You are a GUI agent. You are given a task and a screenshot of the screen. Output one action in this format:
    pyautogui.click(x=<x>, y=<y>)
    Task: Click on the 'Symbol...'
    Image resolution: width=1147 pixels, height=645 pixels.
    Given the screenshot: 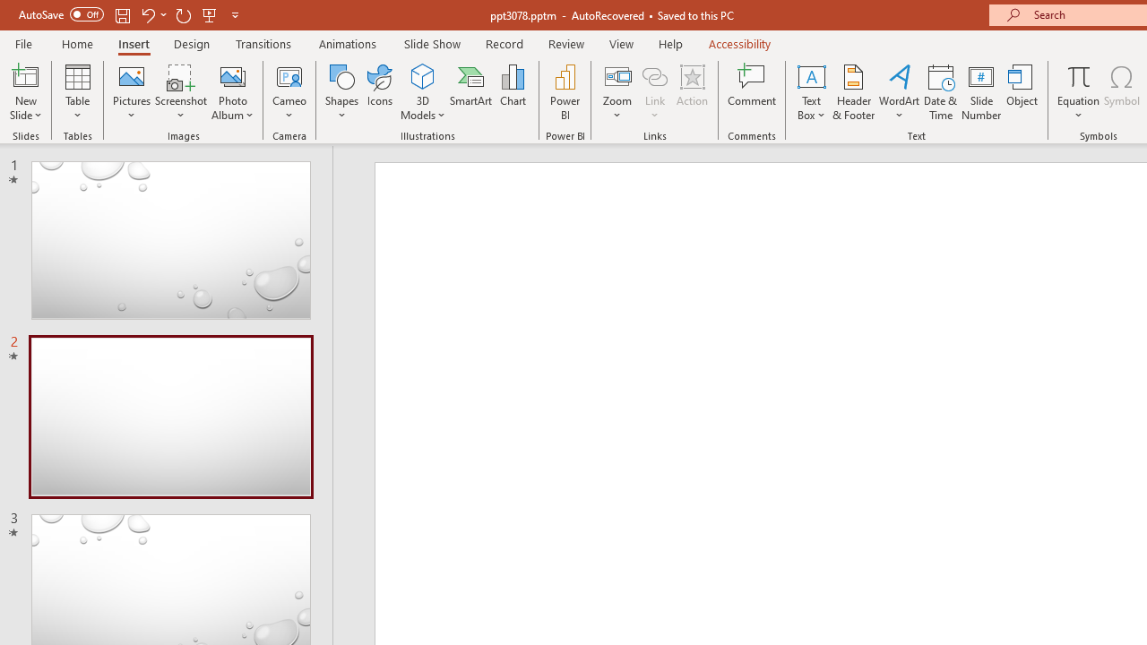 What is the action you would take?
    pyautogui.click(x=1121, y=92)
    